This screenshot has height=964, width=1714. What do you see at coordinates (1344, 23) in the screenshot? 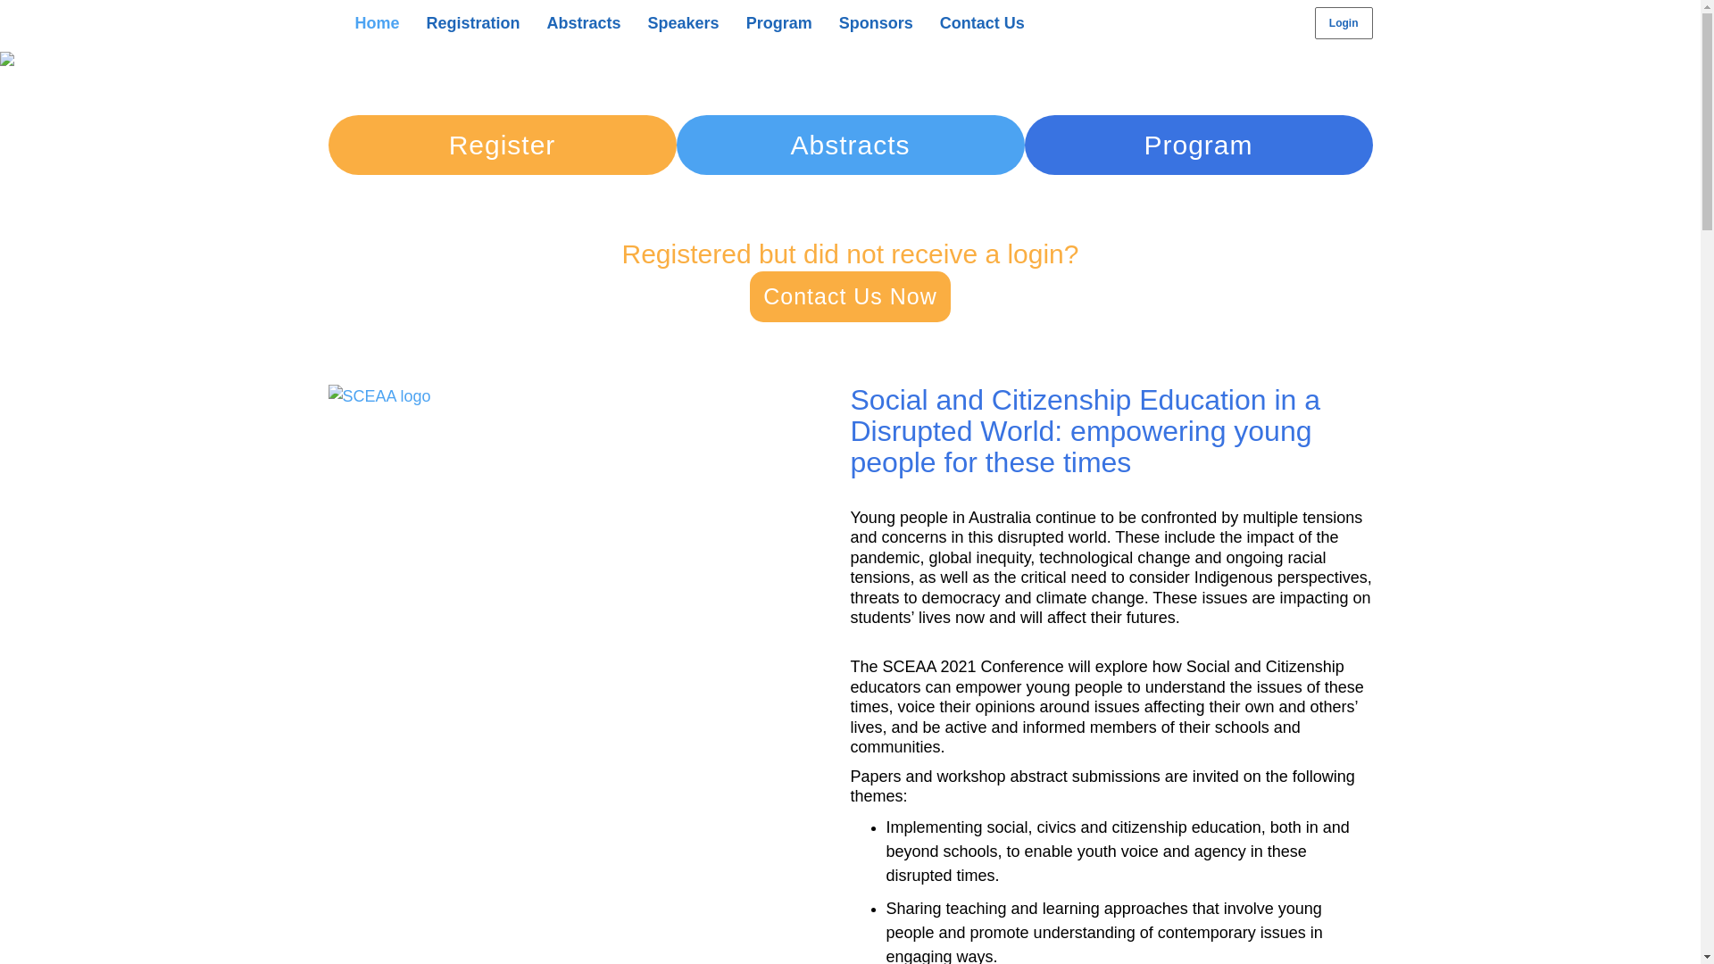
I see `'Login'` at bounding box center [1344, 23].